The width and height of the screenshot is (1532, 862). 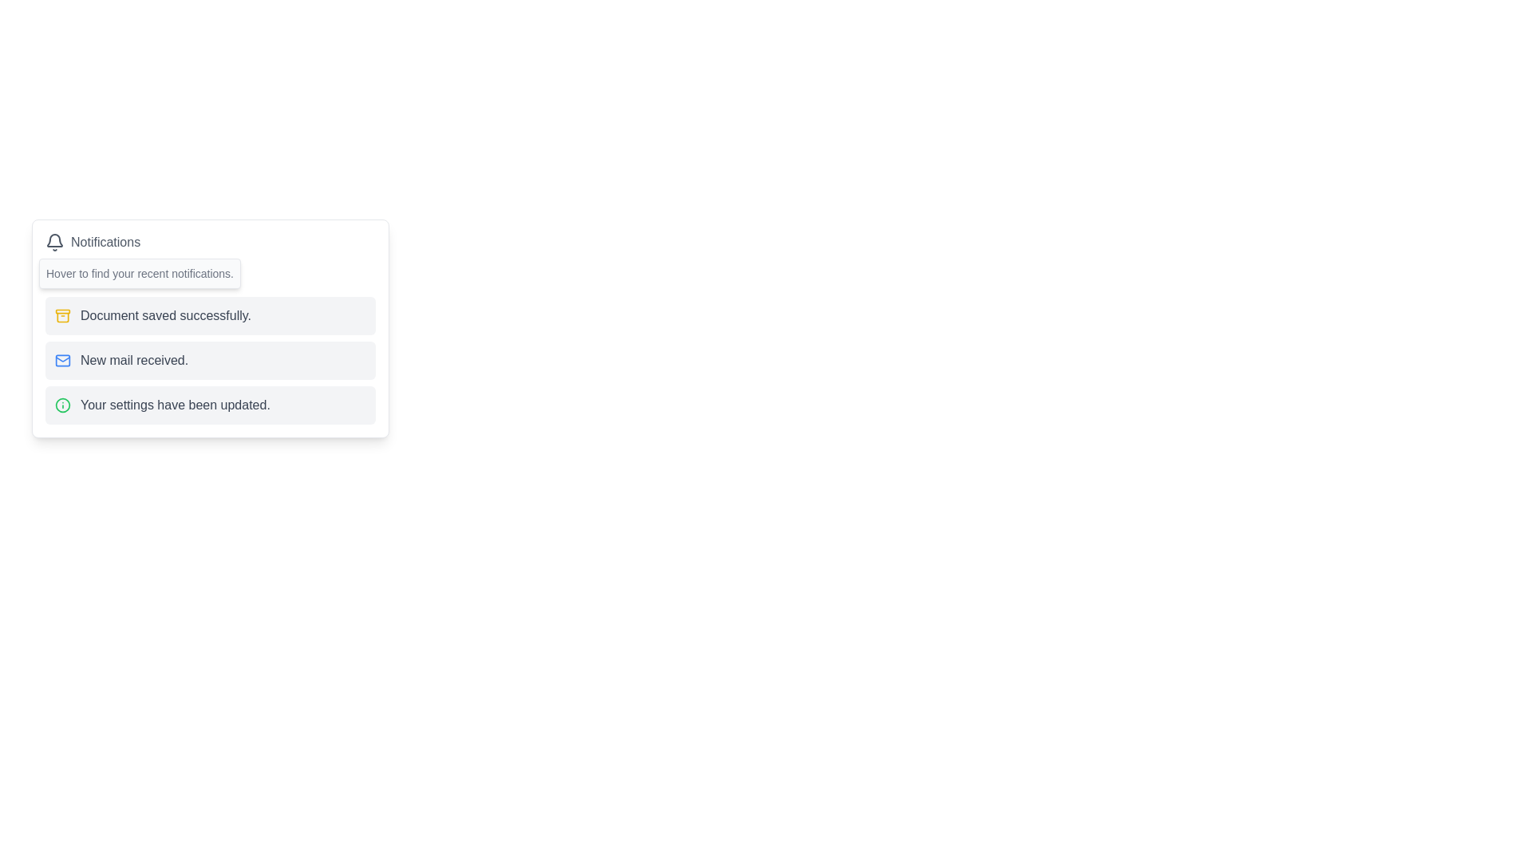 What do you see at coordinates (210, 360) in the screenshot?
I see `notification indicating the receipt of new mail, which is the second element in a vertical list of notifications within a bordered and shadowed card` at bounding box center [210, 360].